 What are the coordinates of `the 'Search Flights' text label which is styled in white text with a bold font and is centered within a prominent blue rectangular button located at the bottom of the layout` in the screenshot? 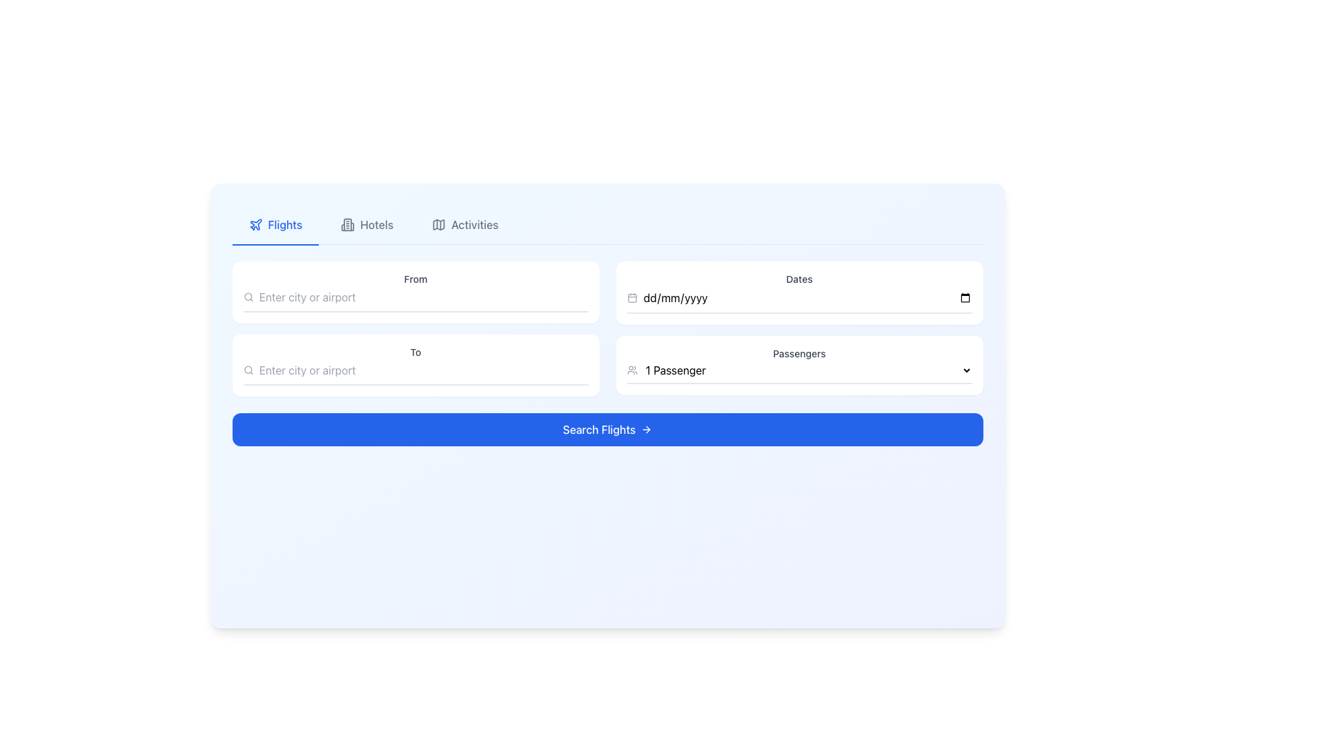 It's located at (599, 429).